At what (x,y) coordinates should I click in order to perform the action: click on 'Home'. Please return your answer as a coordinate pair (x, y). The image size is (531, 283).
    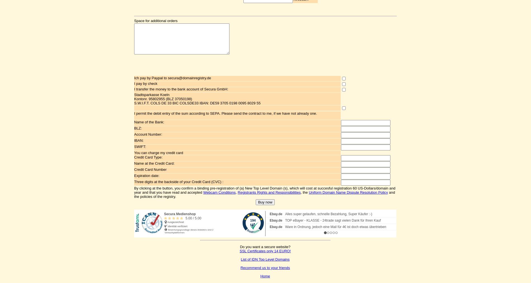
    Looking at the image, I should click on (265, 276).